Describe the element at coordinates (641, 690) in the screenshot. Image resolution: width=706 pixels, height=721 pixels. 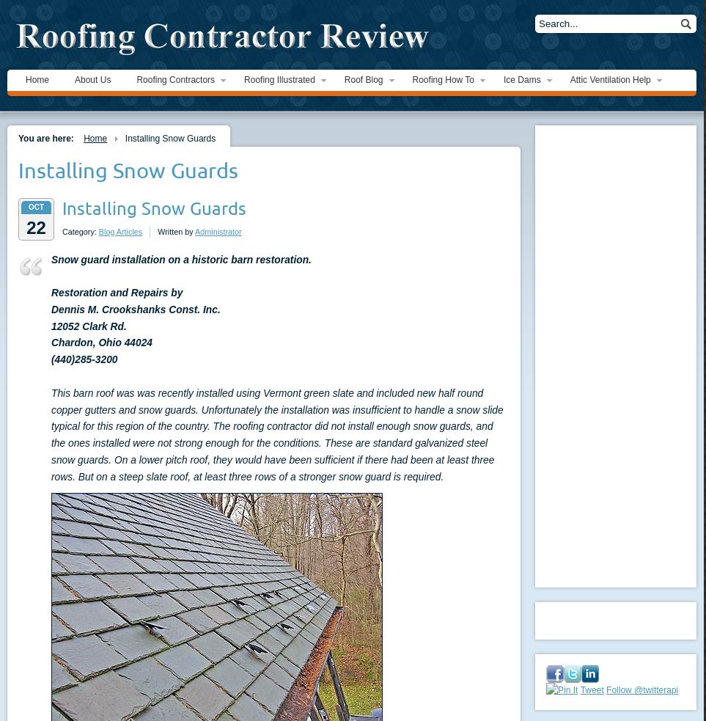
I see `'Follow @twitterapi'` at that location.